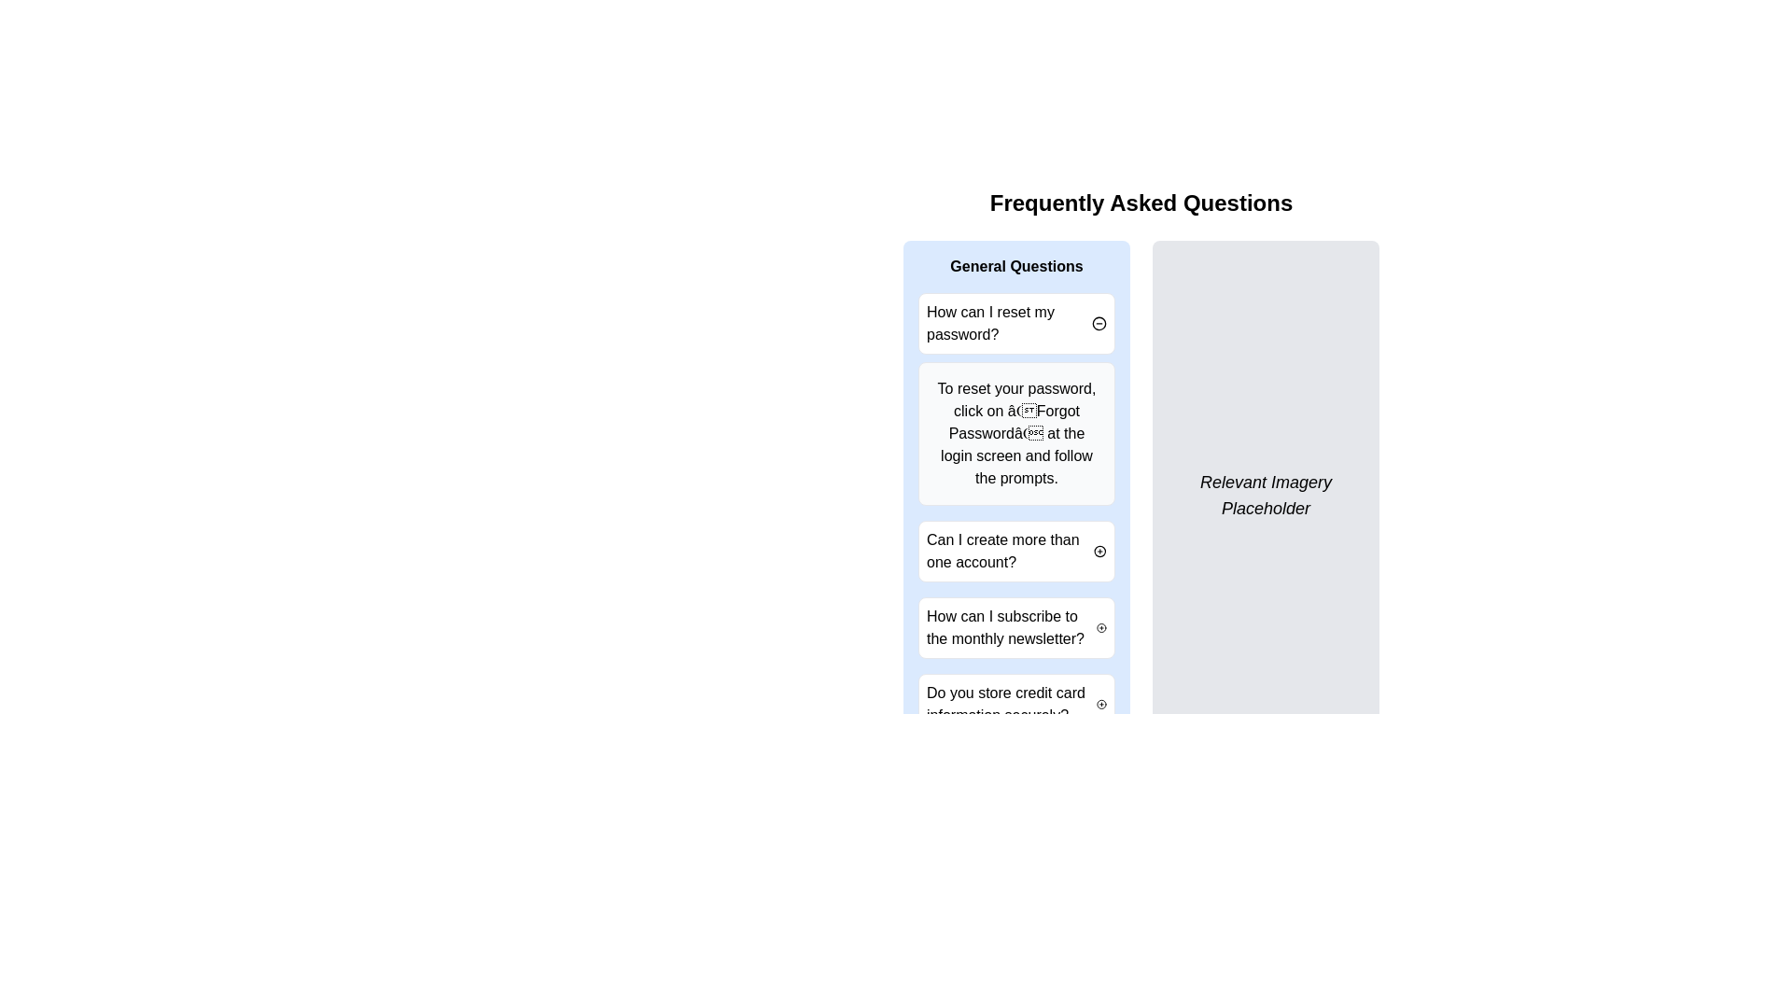  I want to click on the text label displaying 'Relevant Imagery Placeholder' which is styled in italic font, located within a gray box and positioned to the right of a column of question cards, so click(1266, 495).